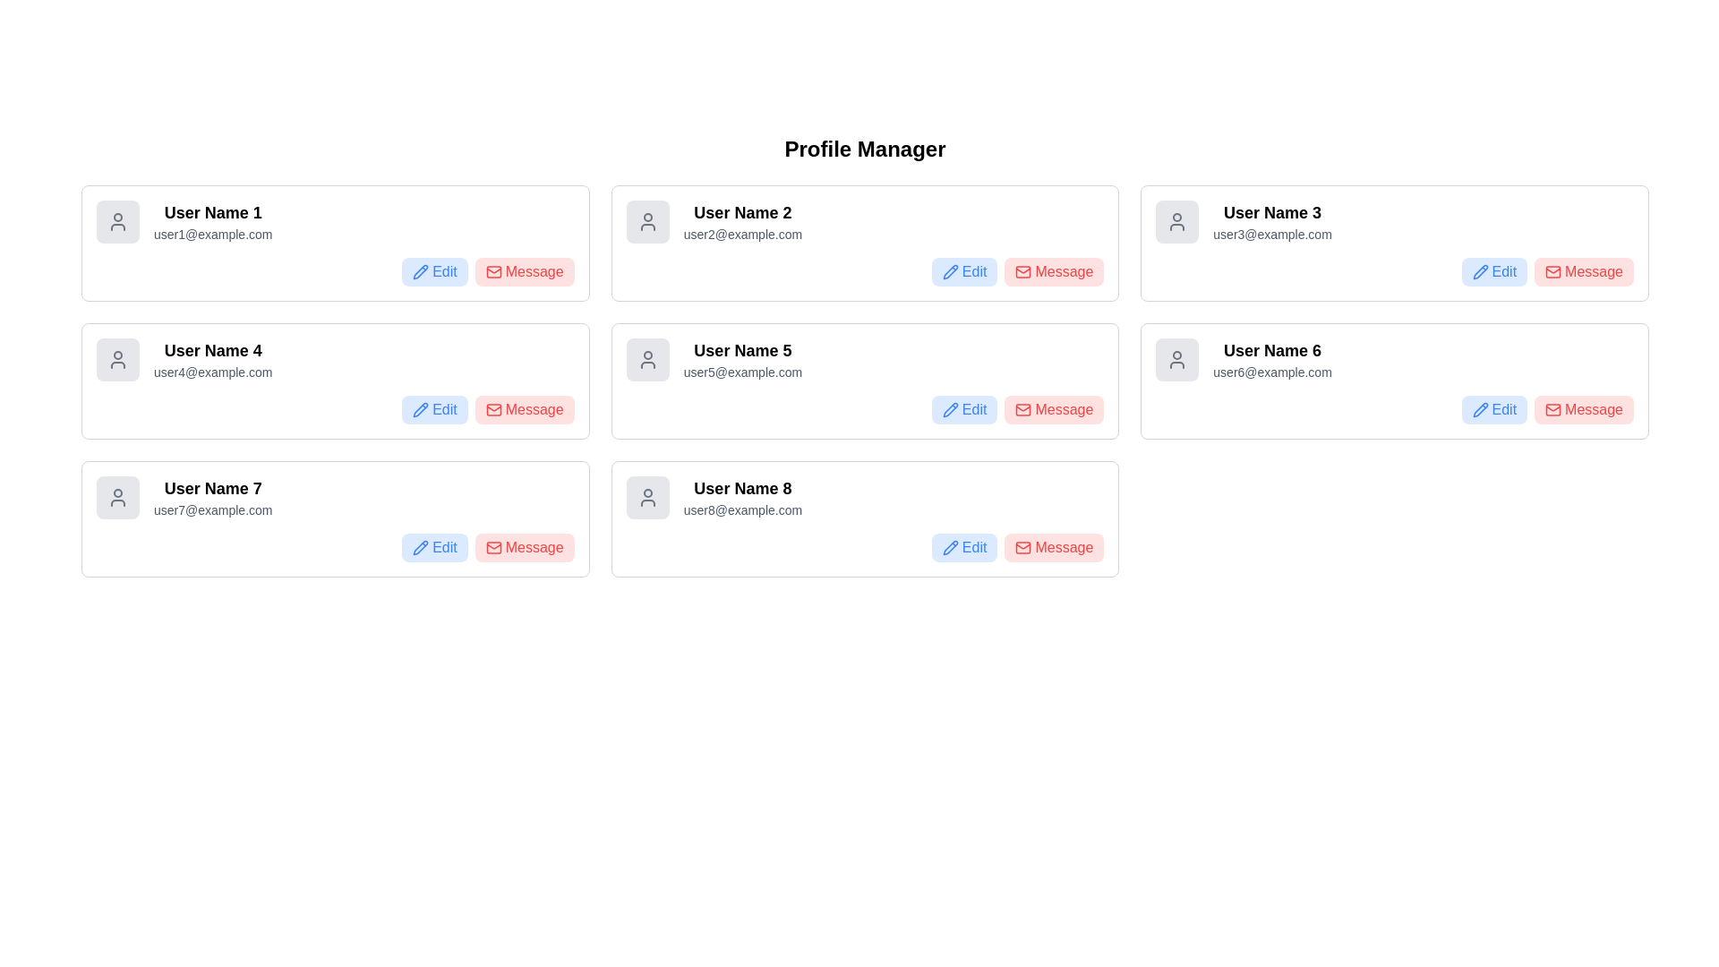  I want to click on the 'Message' button with a red background and text, so click(524, 547).